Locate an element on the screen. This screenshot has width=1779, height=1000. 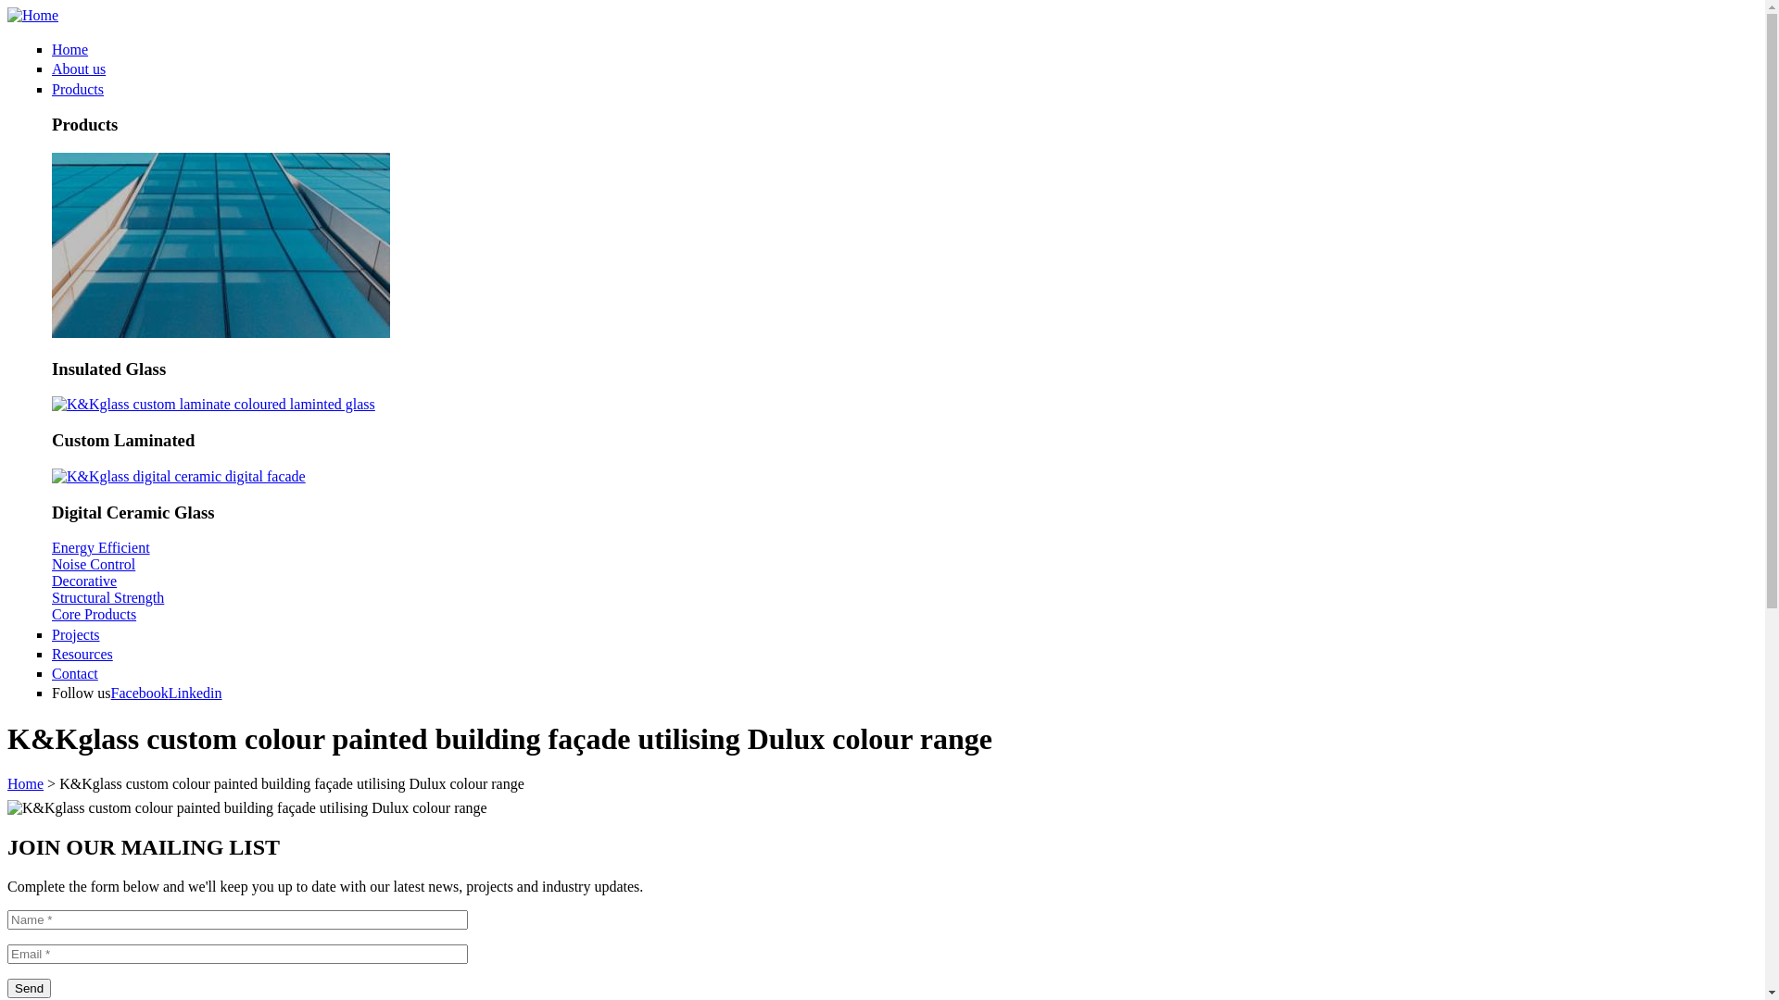
'Decorative' is located at coordinates (83, 580).